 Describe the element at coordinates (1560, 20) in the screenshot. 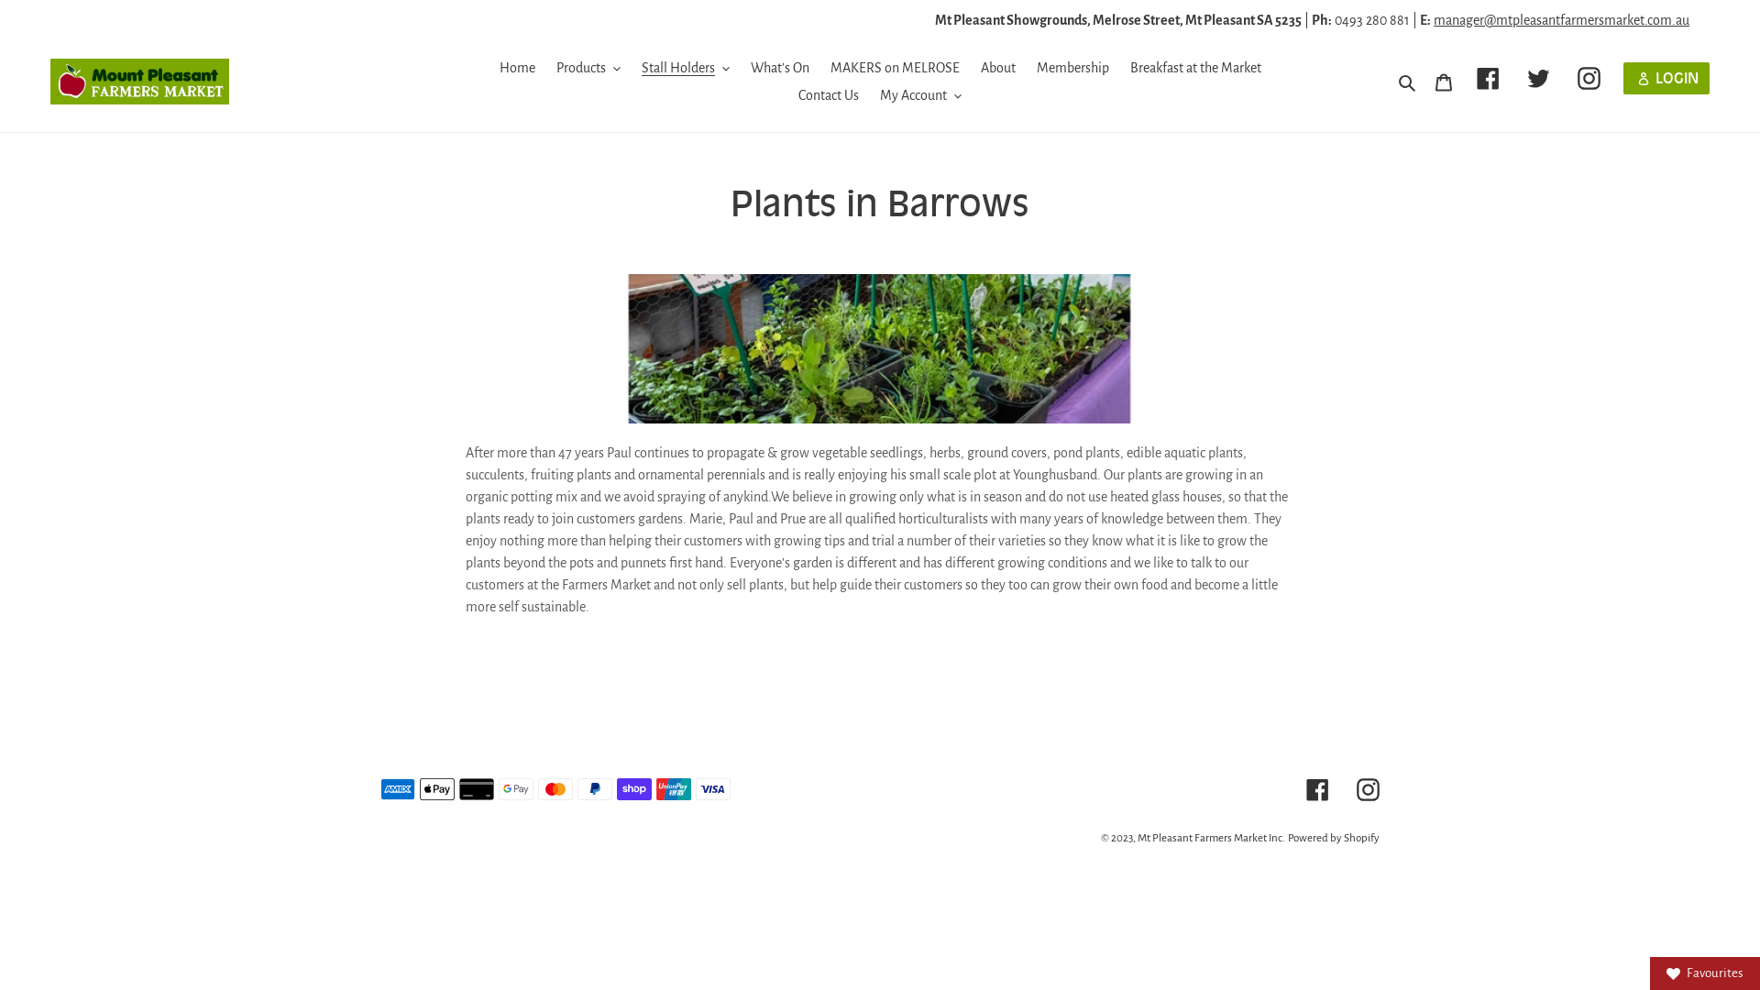

I see `'manager@mtpleasantfarmersmarket.com.au'` at that location.